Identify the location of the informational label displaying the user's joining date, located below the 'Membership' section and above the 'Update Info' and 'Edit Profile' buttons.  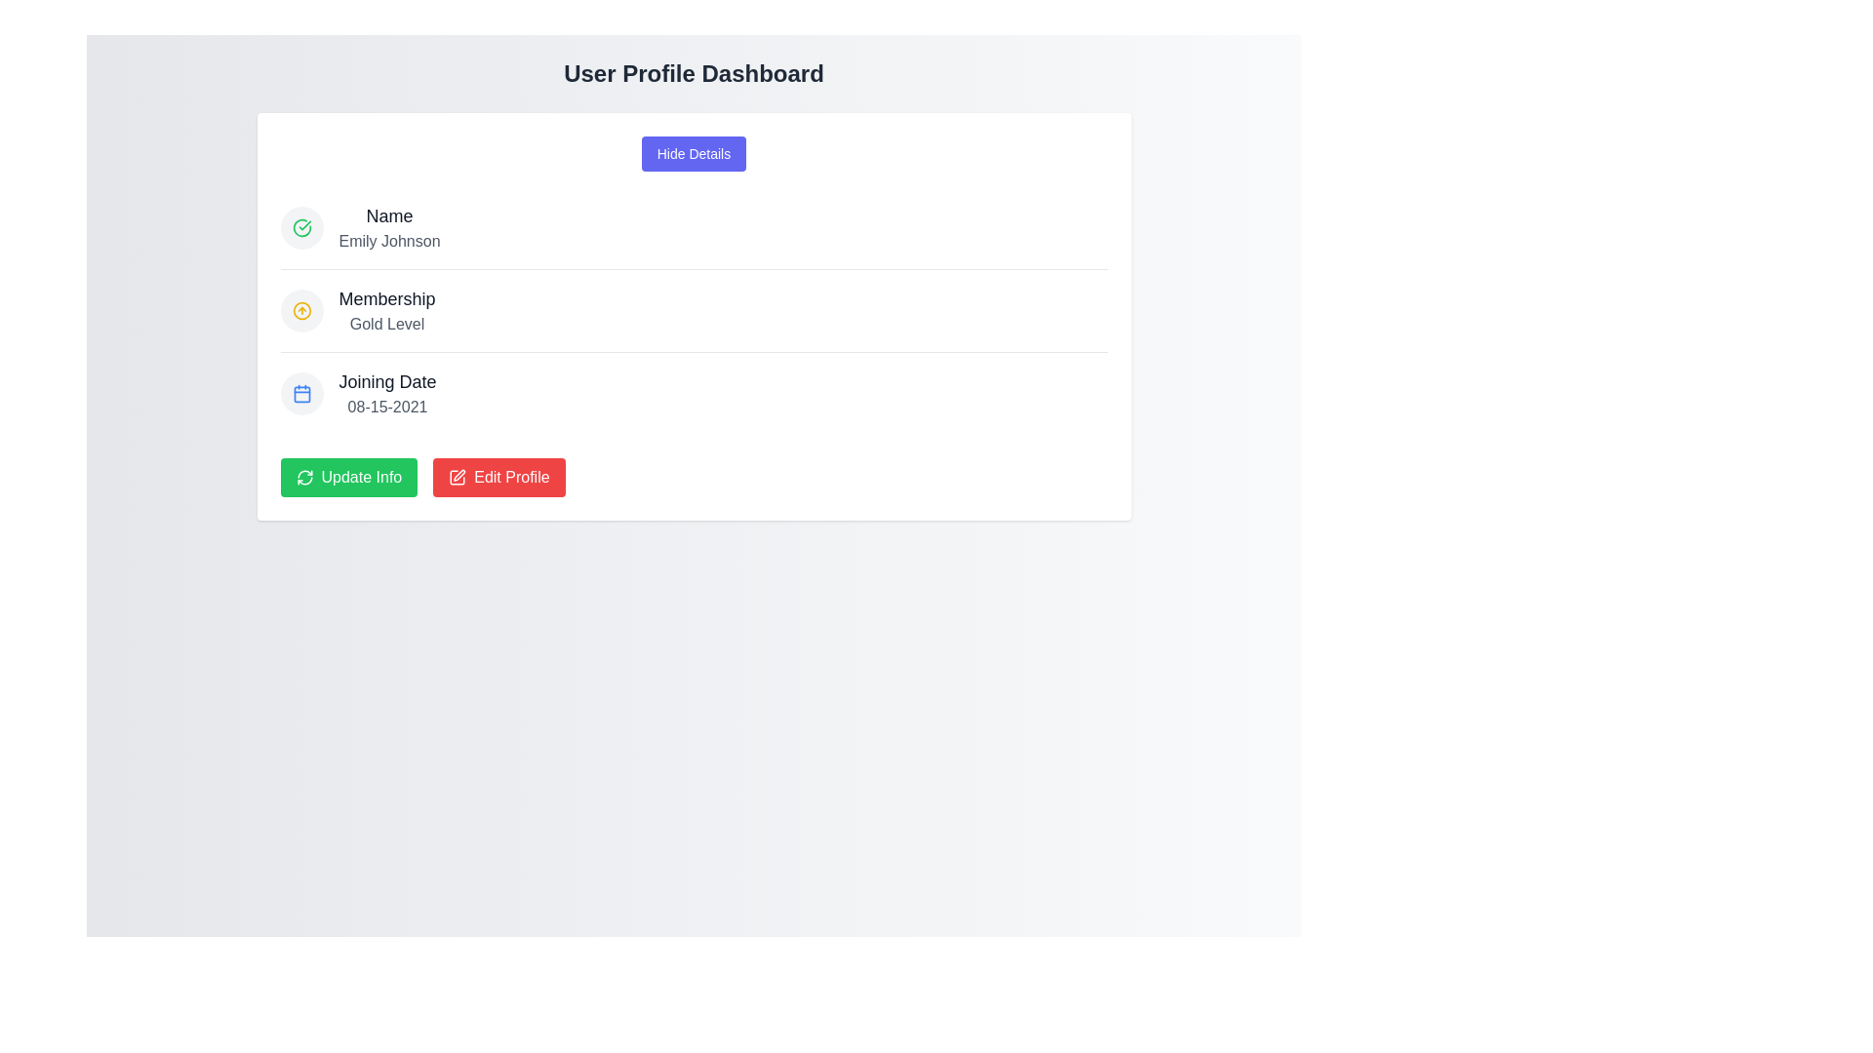
(387, 394).